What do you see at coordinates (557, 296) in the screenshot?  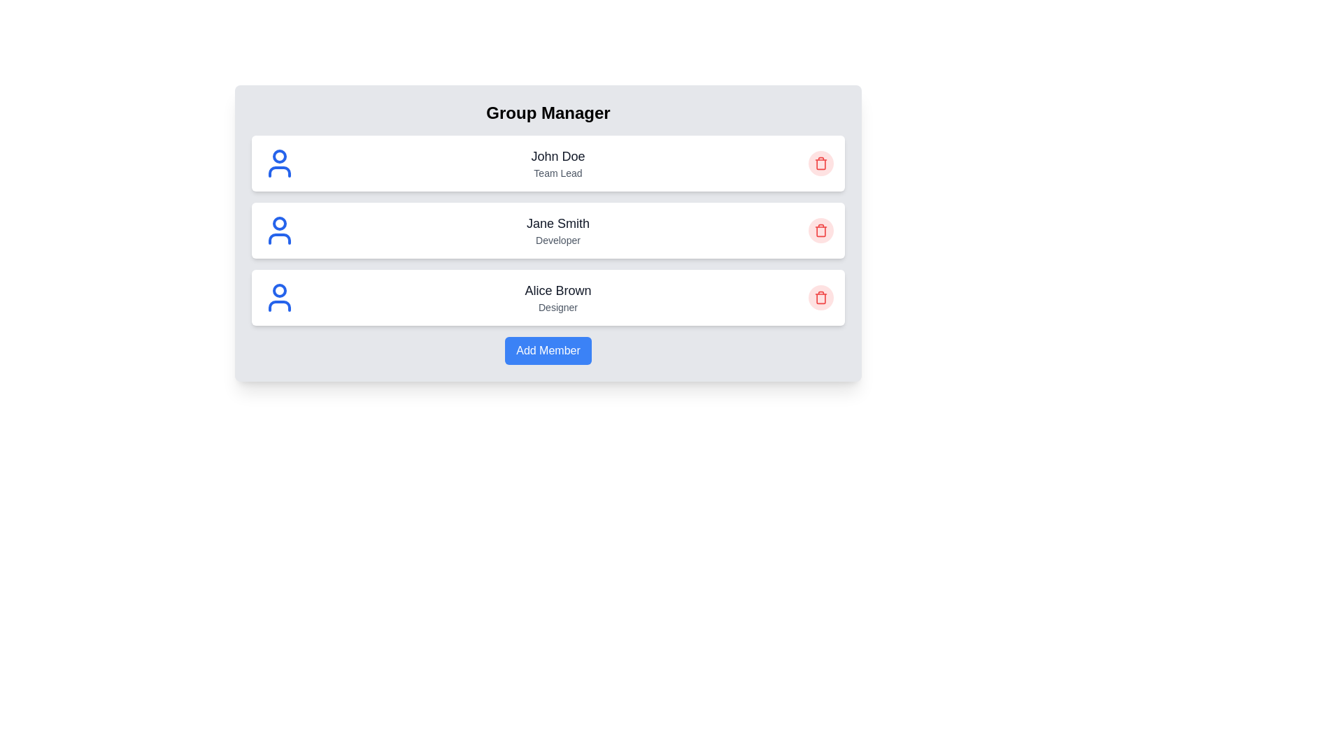 I see `the textual information element displaying the user name 'Alice Brown' and role 'Designer', located in the third card section of the interface, between 'Jane Smith' and the 'Add Member' button` at bounding box center [557, 296].